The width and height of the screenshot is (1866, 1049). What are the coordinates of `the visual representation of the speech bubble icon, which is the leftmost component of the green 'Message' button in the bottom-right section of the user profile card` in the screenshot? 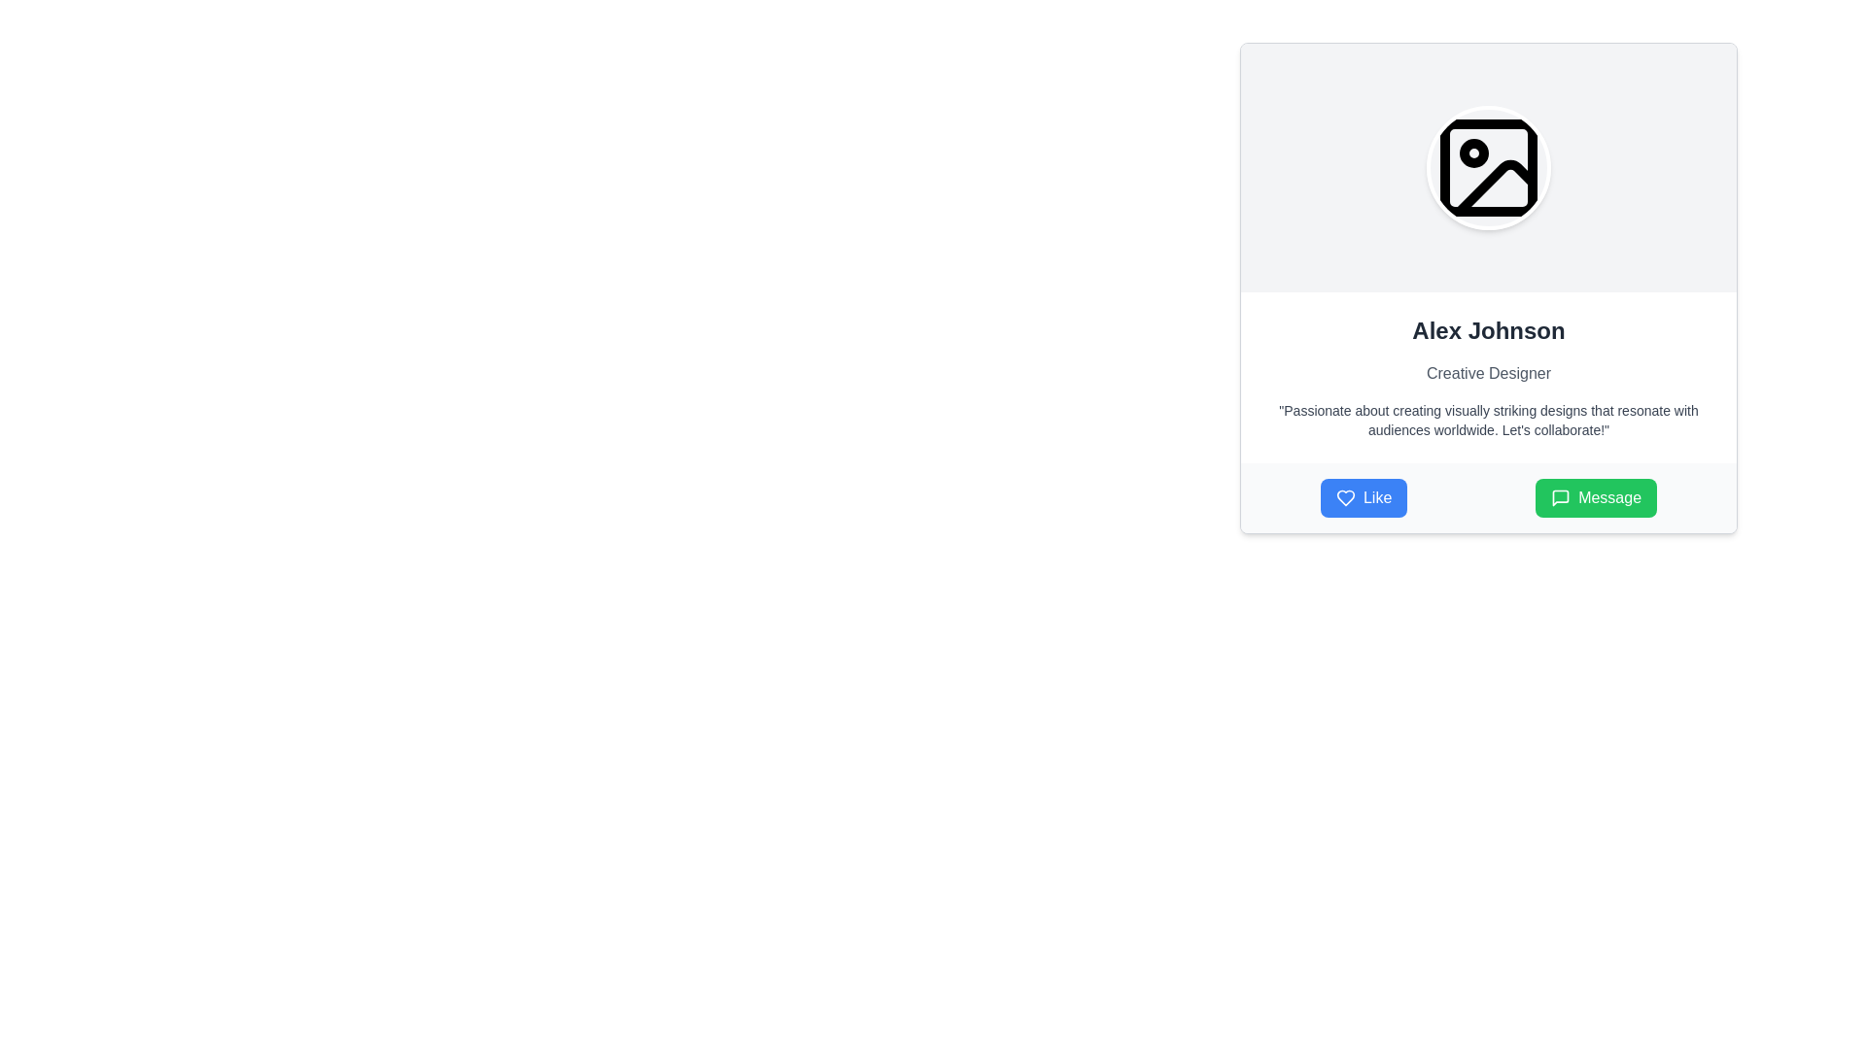 It's located at (1561, 497).